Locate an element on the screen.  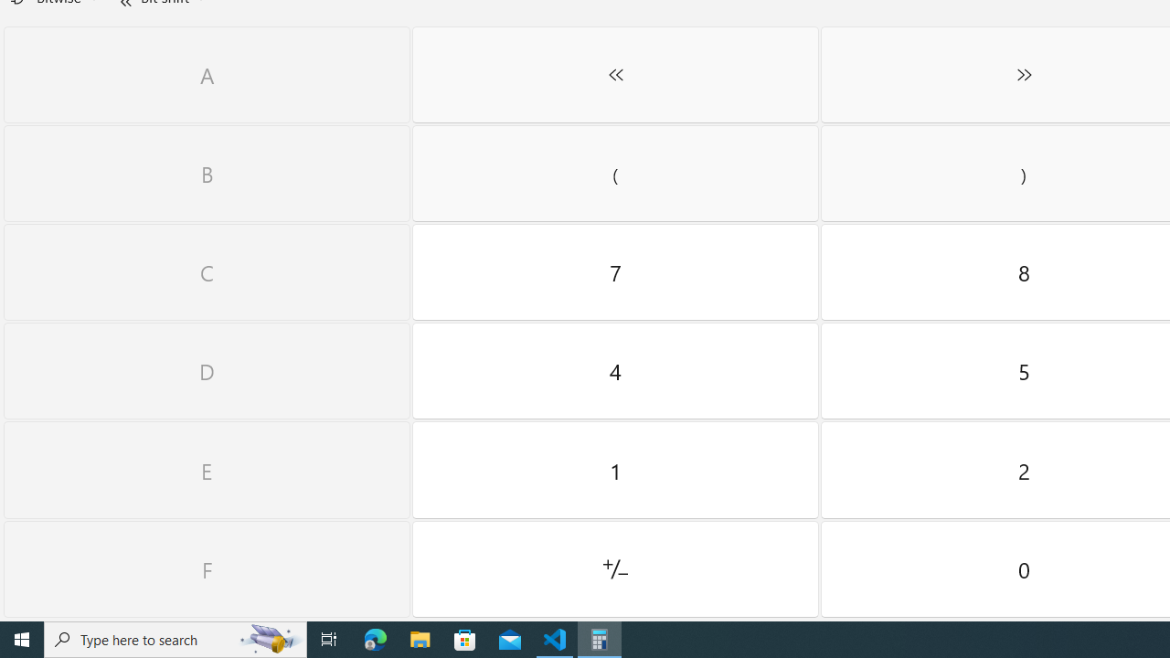
'C' is located at coordinates (207, 272).